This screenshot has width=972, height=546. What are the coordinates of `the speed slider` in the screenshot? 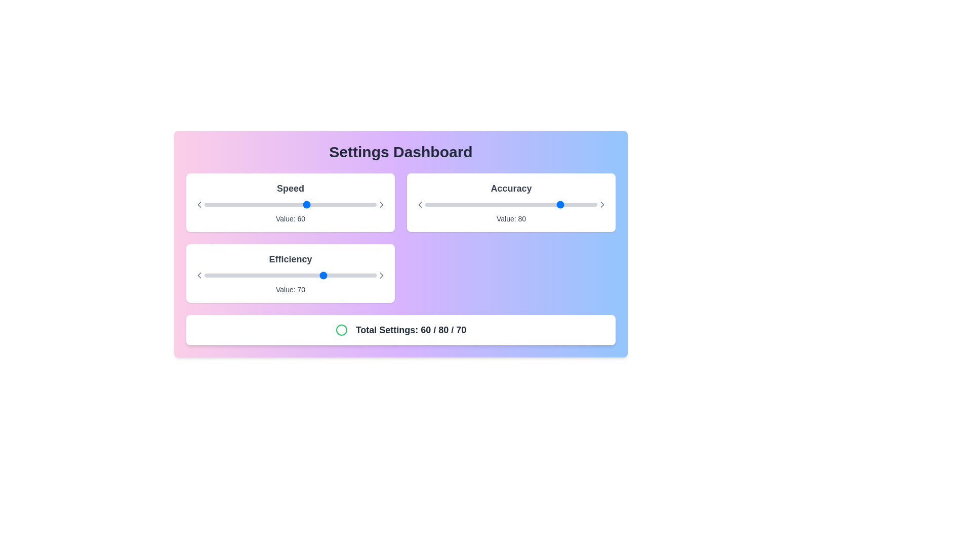 It's located at (344, 205).